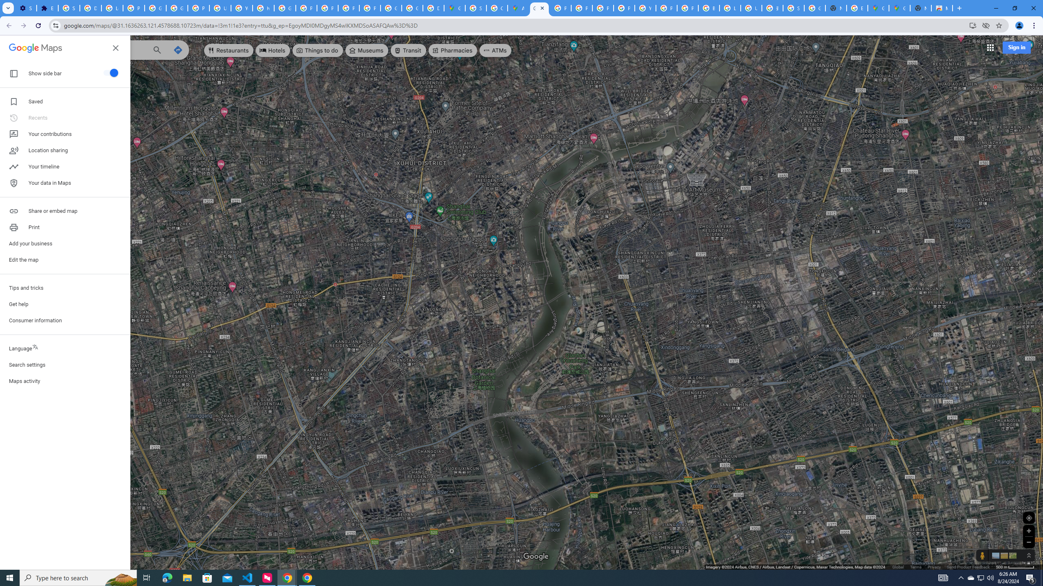 This screenshot has height=586, width=1043. What do you see at coordinates (453, 50) in the screenshot?
I see `'Pharmacies'` at bounding box center [453, 50].